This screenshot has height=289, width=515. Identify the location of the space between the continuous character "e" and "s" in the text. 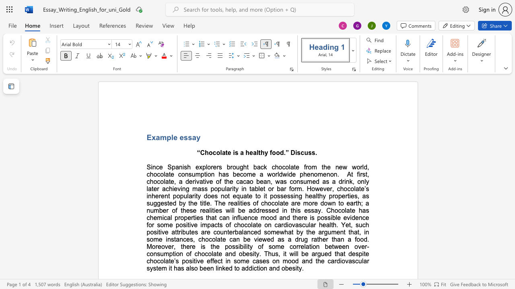
(183, 137).